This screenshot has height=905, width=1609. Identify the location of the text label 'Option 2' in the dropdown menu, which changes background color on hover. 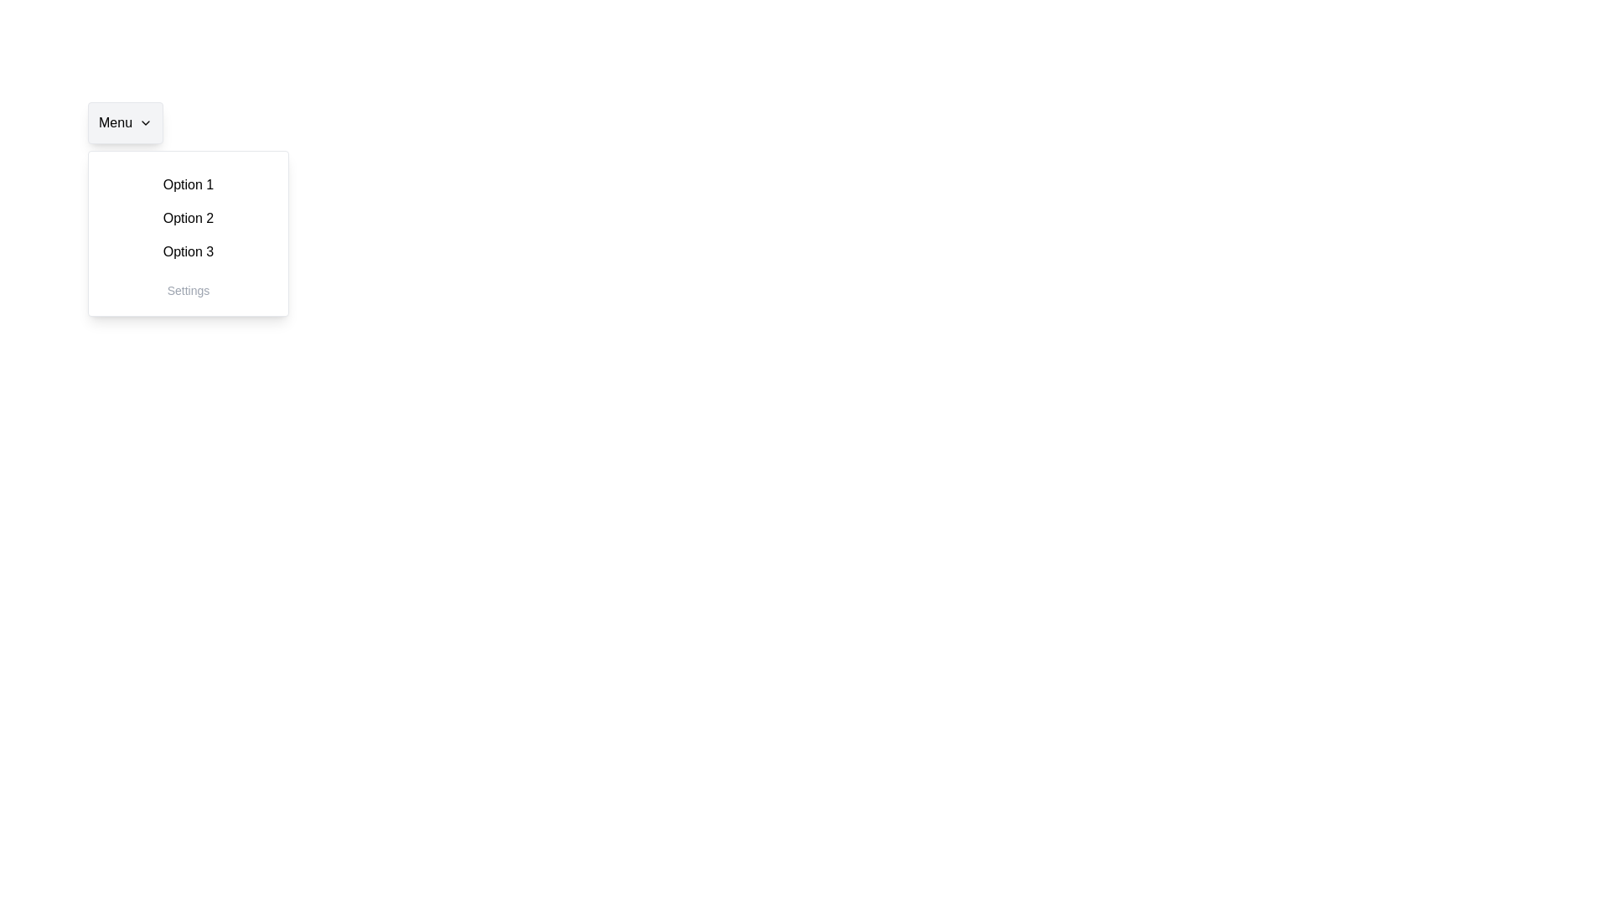
(189, 218).